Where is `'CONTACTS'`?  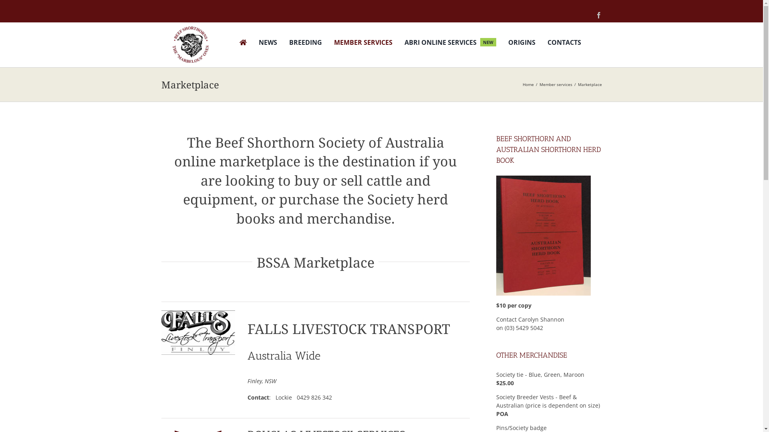 'CONTACTS' is located at coordinates (564, 43).